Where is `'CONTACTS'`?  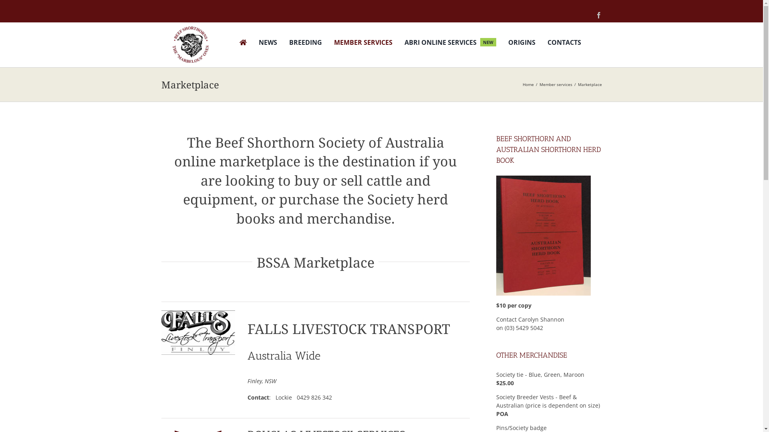 'CONTACTS' is located at coordinates (564, 43).